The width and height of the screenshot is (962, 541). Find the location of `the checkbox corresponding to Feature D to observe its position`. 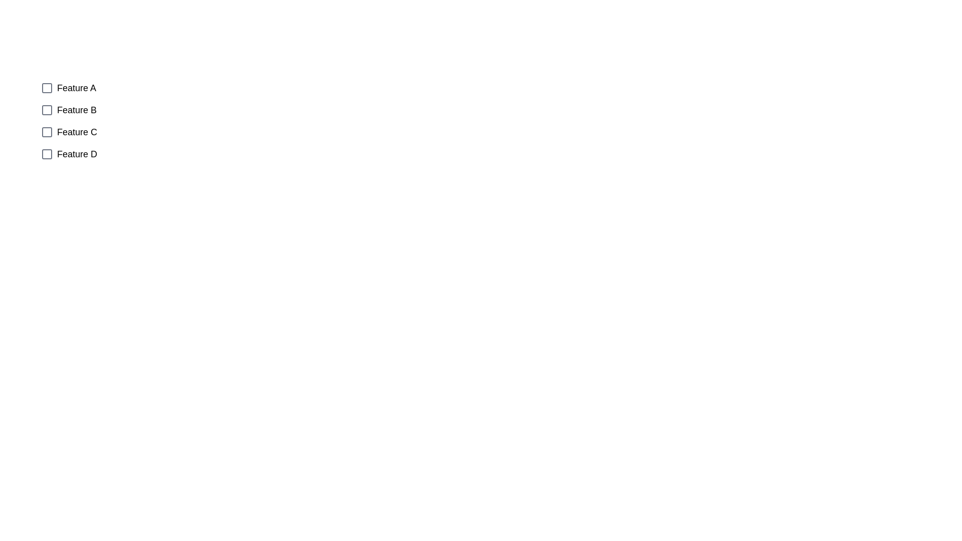

the checkbox corresponding to Feature D to observe its position is located at coordinates (69, 154).